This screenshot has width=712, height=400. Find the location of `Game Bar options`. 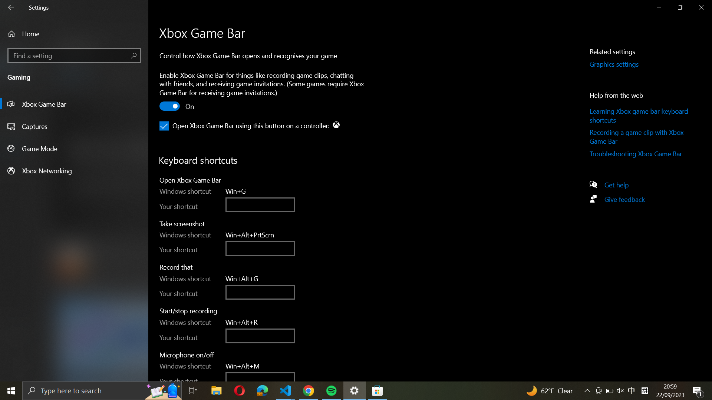

Game Bar options is located at coordinates (73, 104).